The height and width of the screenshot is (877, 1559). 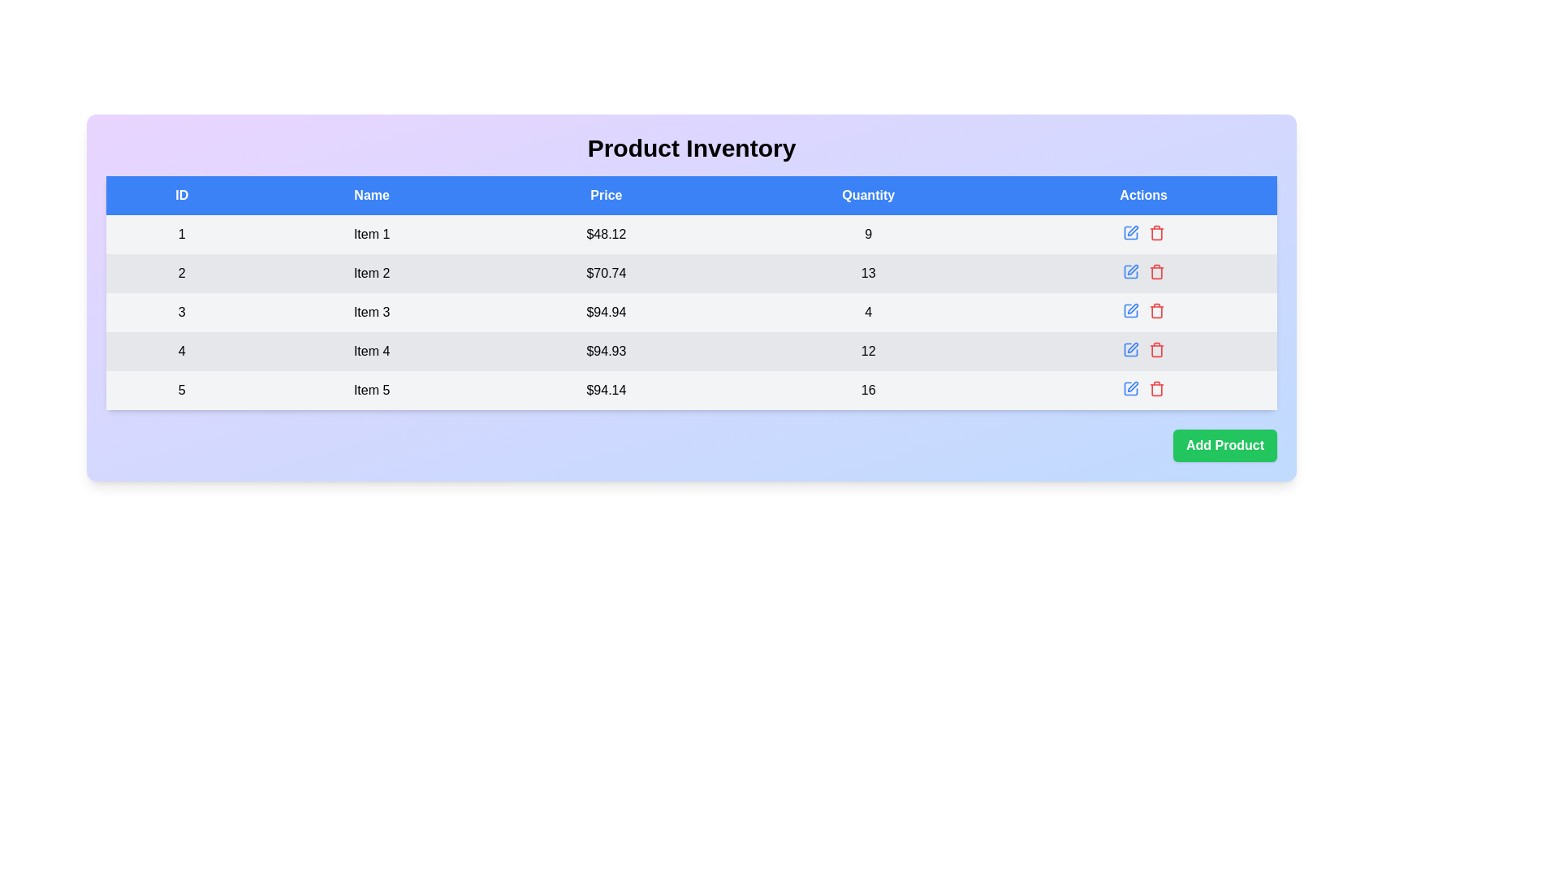 What do you see at coordinates (867, 391) in the screenshot?
I see `the table cell representing the quantity of 'Item 5' located in the fifth row under the 'Quantity' column` at bounding box center [867, 391].